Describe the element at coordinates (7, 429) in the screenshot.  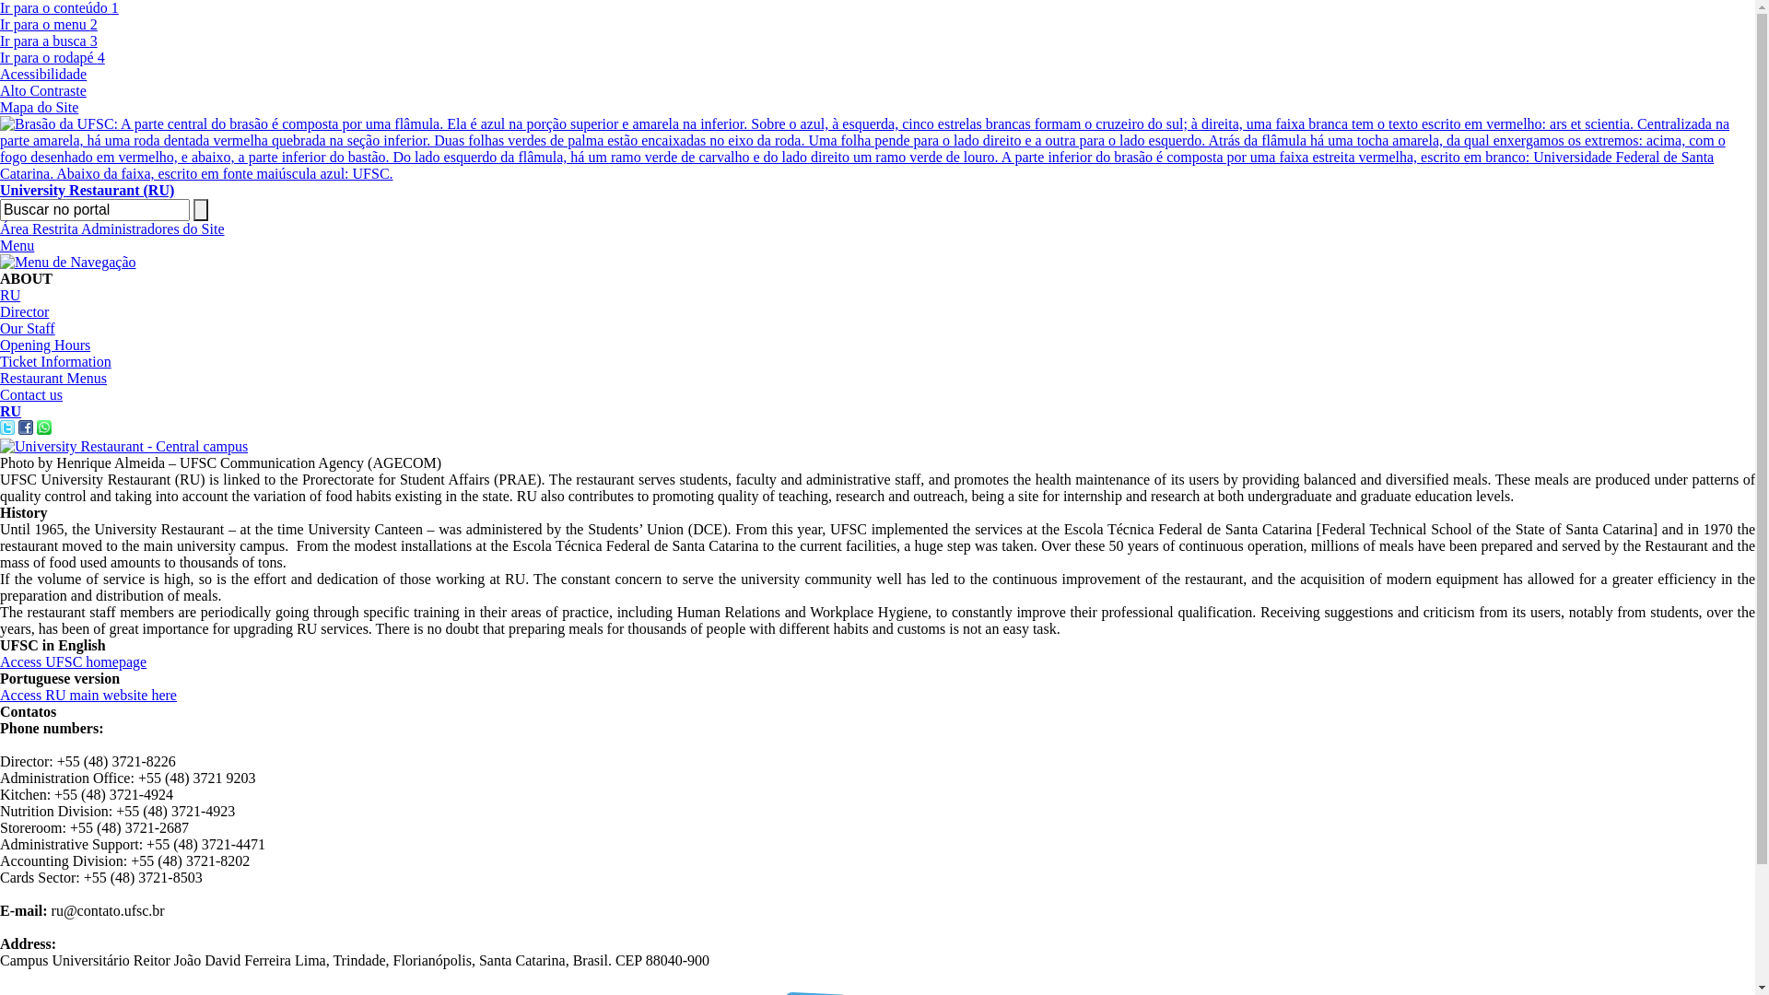
I see `'Compartilhar no Twitter'` at that location.